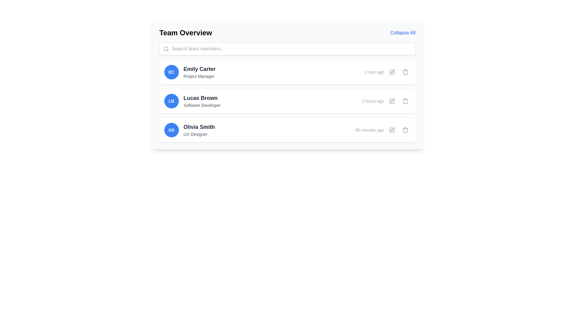 The height and width of the screenshot is (326, 580). Describe the element at coordinates (287, 72) in the screenshot. I see `the Profile Card, which displays a team member's information and is the first item` at that location.